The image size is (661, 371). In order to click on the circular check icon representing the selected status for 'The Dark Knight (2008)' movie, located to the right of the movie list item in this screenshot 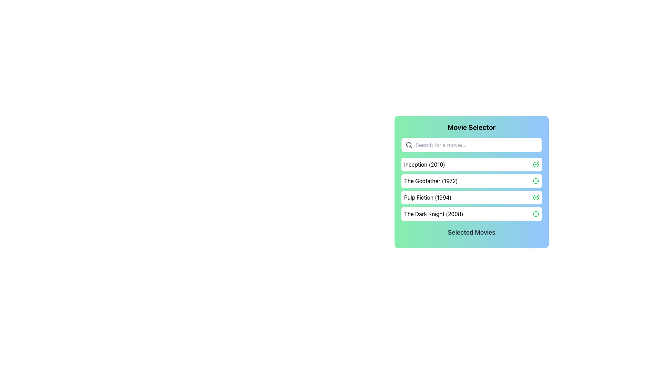, I will do `click(535, 214)`.